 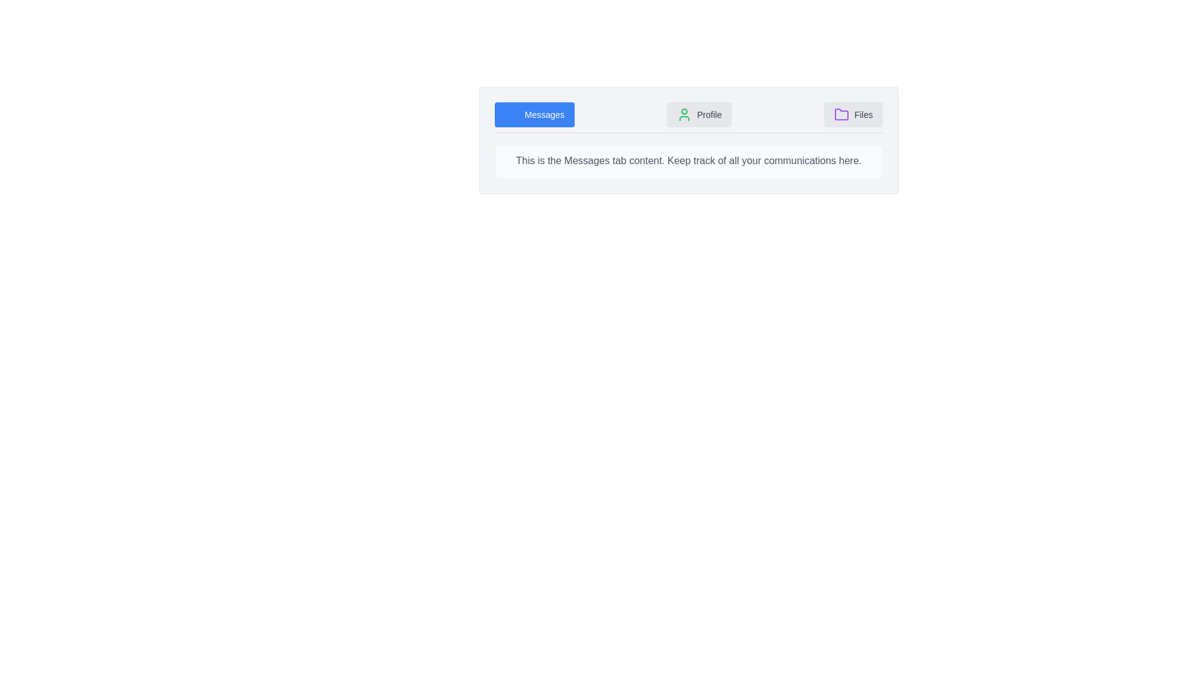 What do you see at coordinates (699, 115) in the screenshot?
I see `the Profile tab` at bounding box center [699, 115].